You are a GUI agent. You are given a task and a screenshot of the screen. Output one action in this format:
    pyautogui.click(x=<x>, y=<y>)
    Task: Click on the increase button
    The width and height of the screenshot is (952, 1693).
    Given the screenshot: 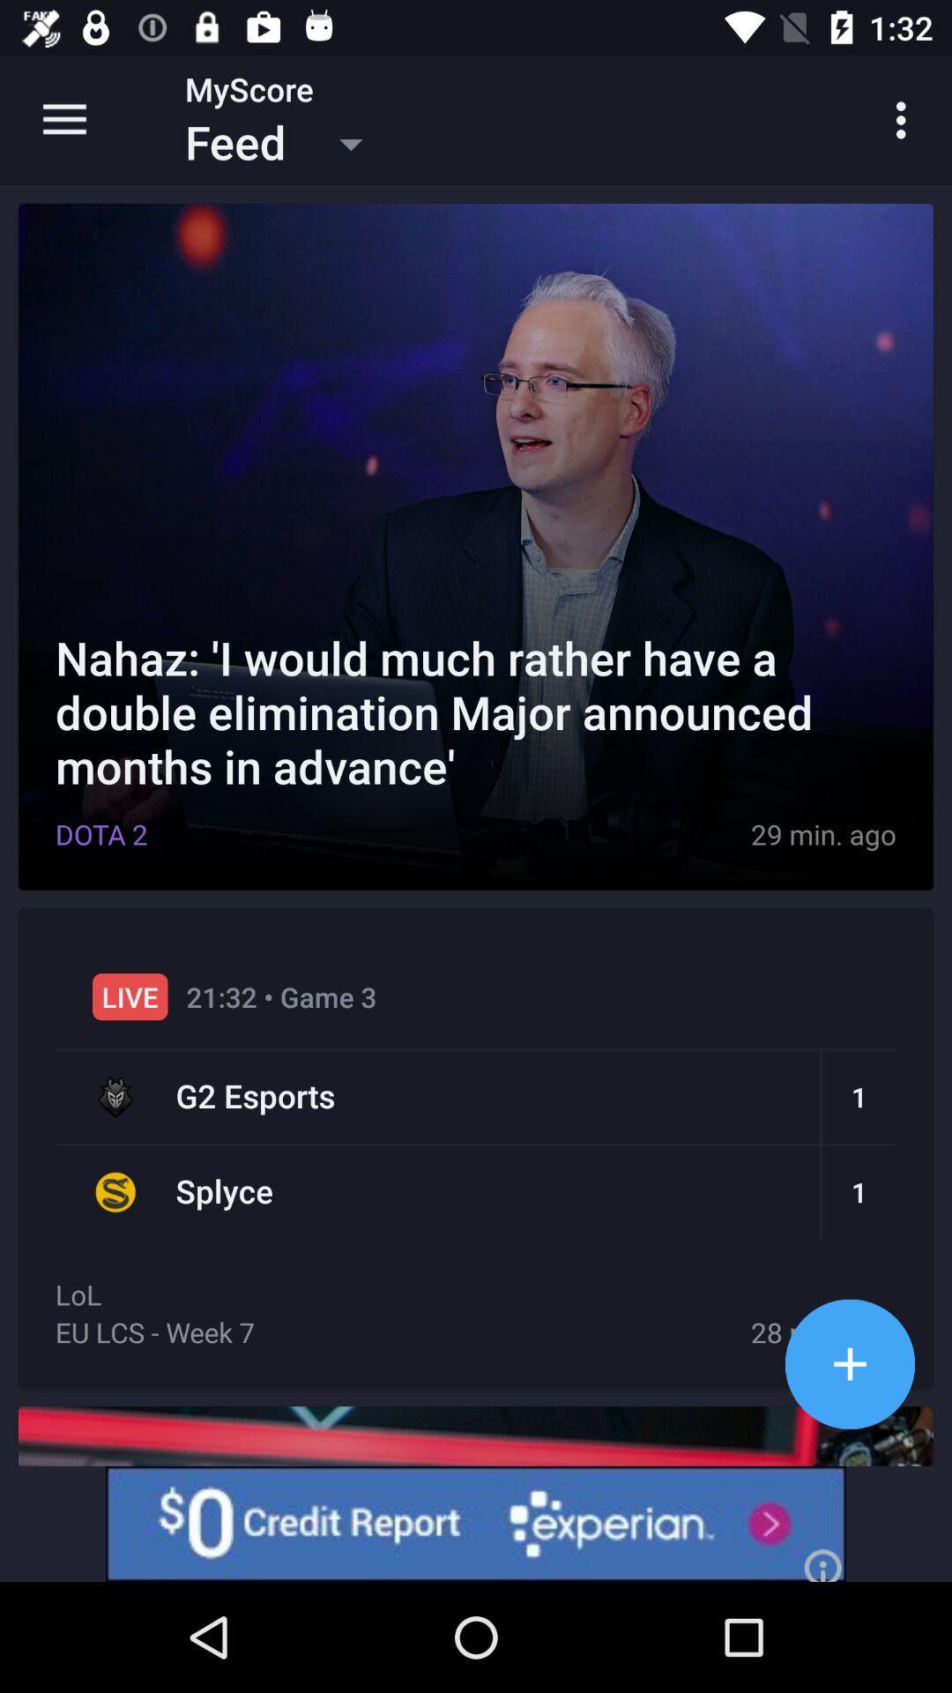 What is the action you would take?
    pyautogui.click(x=849, y=1363)
    